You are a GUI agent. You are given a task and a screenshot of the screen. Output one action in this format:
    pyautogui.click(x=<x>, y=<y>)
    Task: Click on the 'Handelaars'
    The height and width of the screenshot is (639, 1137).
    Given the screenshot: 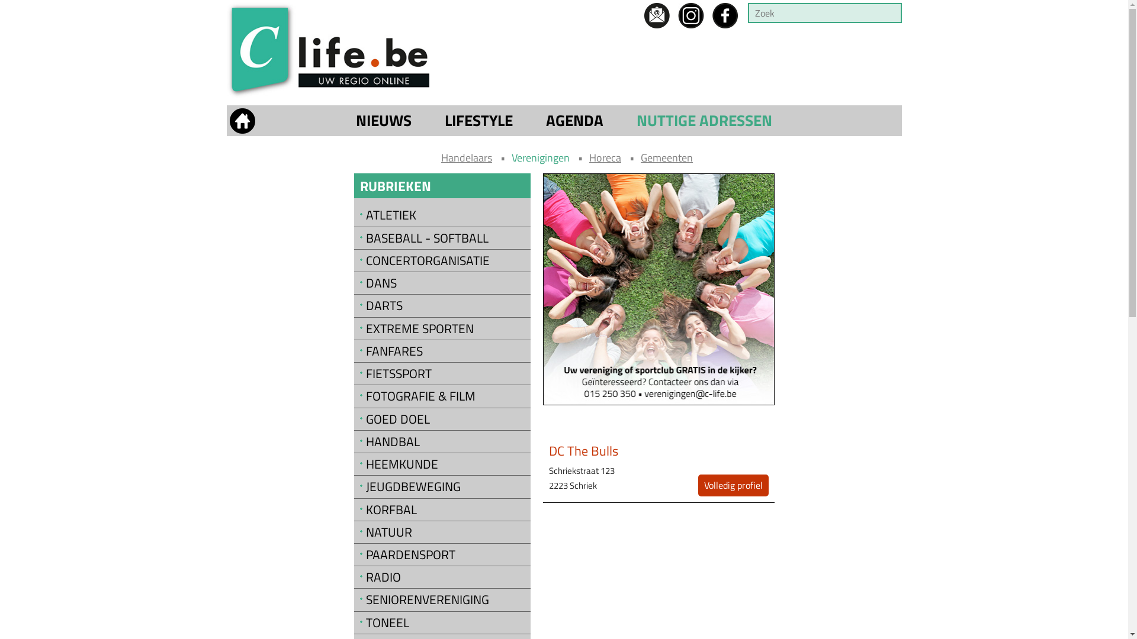 What is the action you would take?
    pyautogui.click(x=465, y=157)
    